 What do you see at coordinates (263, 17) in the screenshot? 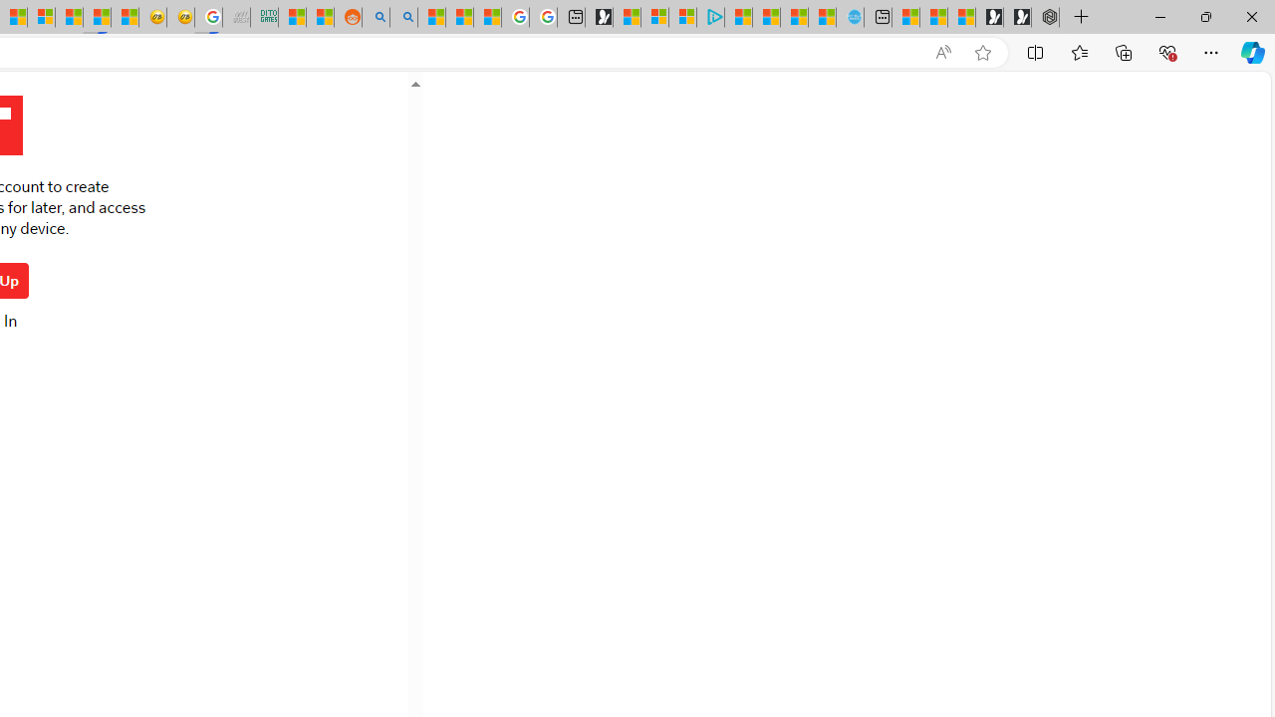
I see `'DITOGAMES AG Imprint'` at bounding box center [263, 17].